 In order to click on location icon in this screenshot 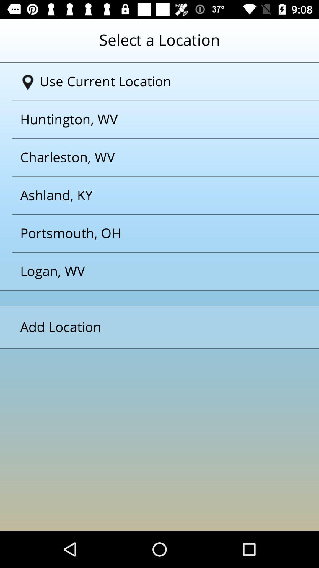, I will do `click(28, 82)`.